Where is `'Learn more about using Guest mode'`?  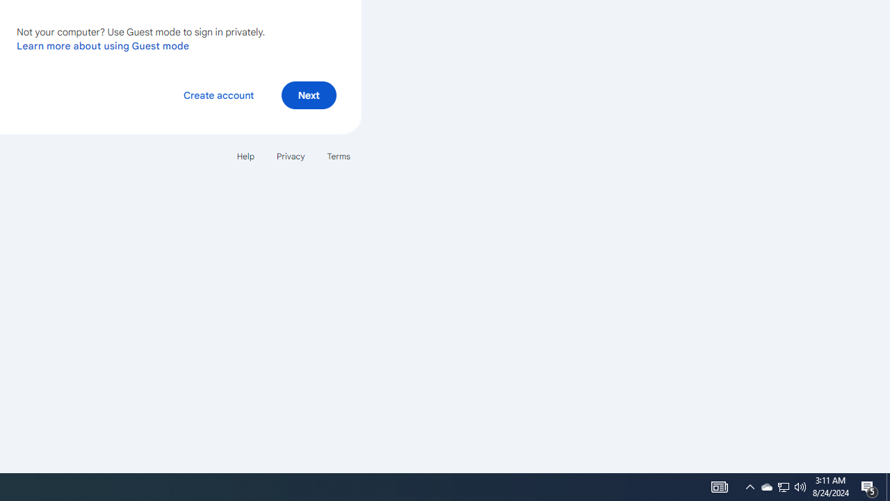 'Learn more about using Guest mode' is located at coordinates (102, 45).